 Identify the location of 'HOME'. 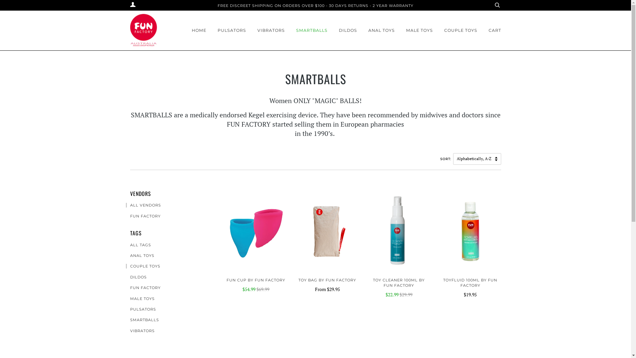
(191, 30).